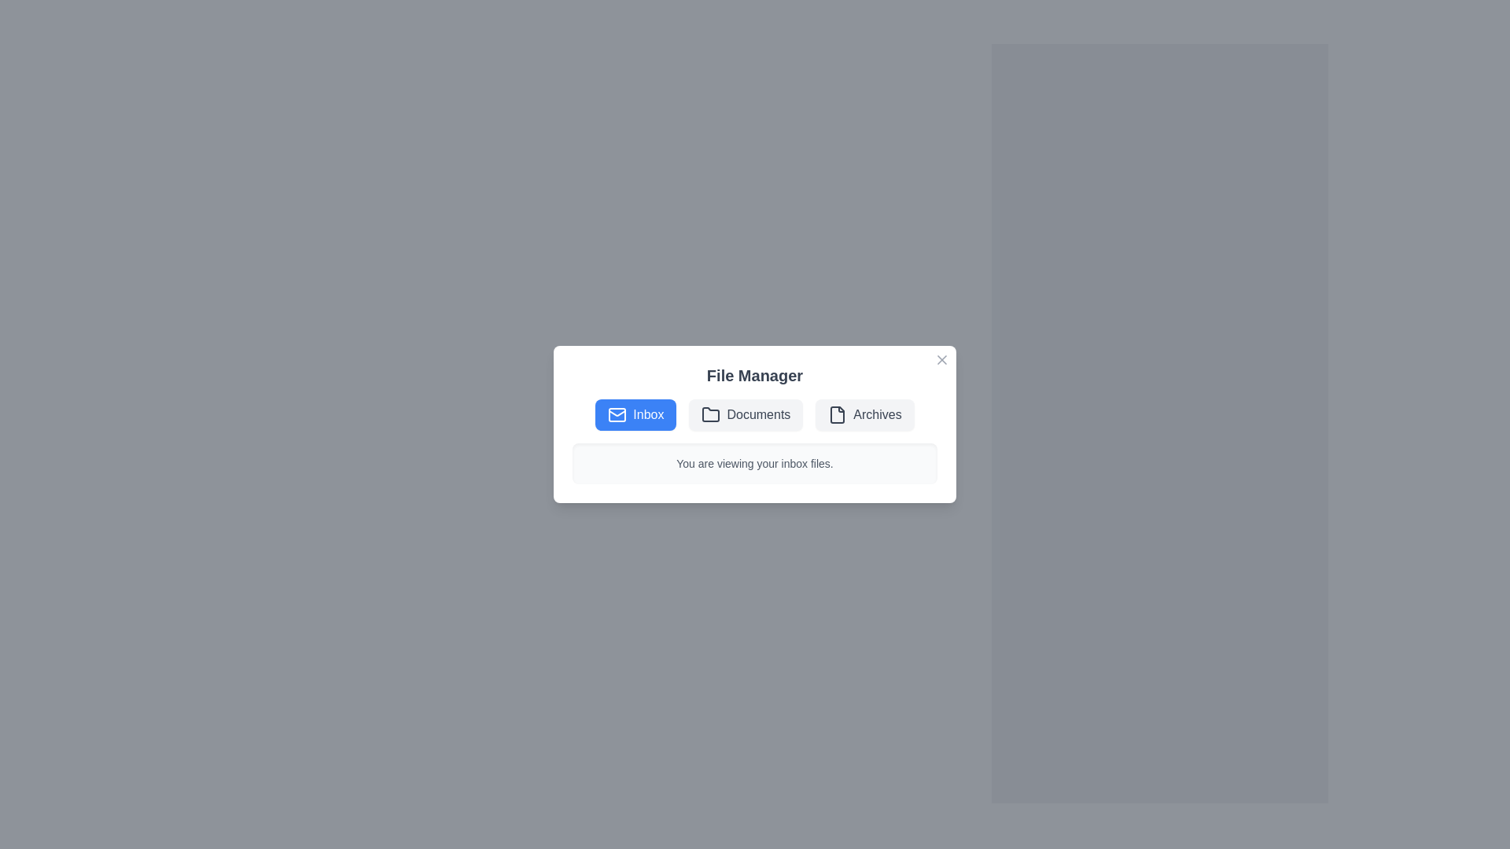  Describe the element at coordinates (617, 414) in the screenshot. I see `the 'Inbox' icon located inside the blue button on the left side of the toolbar in the 'File Manager' modal` at that location.